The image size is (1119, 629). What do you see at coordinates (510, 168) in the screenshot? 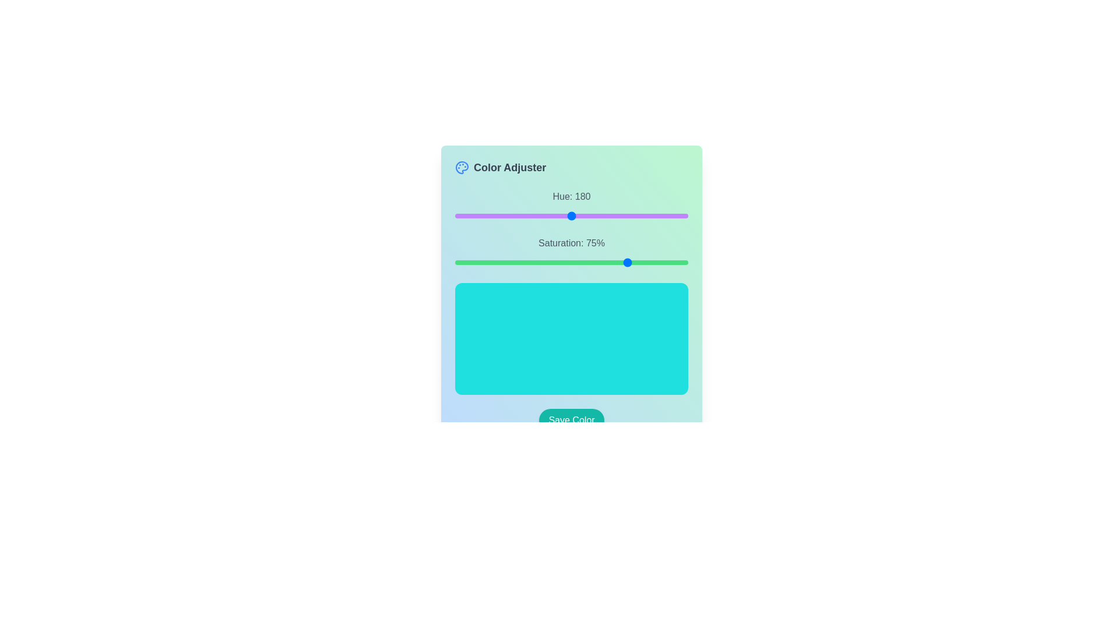
I see `text from the header text label positioned to the right of the palette icon in the user interface` at bounding box center [510, 168].